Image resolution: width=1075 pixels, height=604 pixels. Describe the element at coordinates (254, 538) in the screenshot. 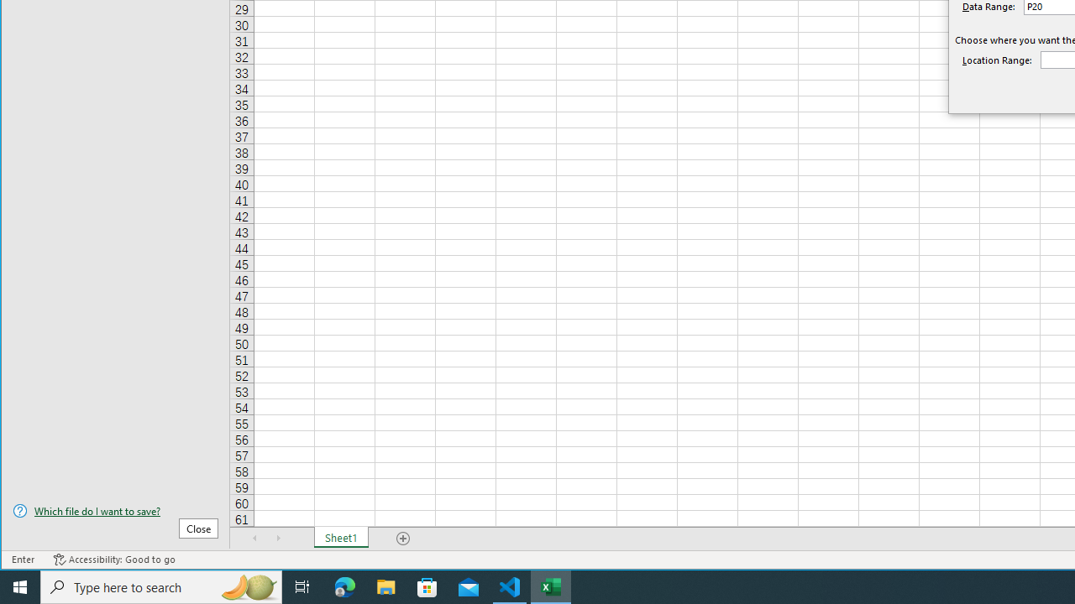

I see `'Scroll Left'` at that location.